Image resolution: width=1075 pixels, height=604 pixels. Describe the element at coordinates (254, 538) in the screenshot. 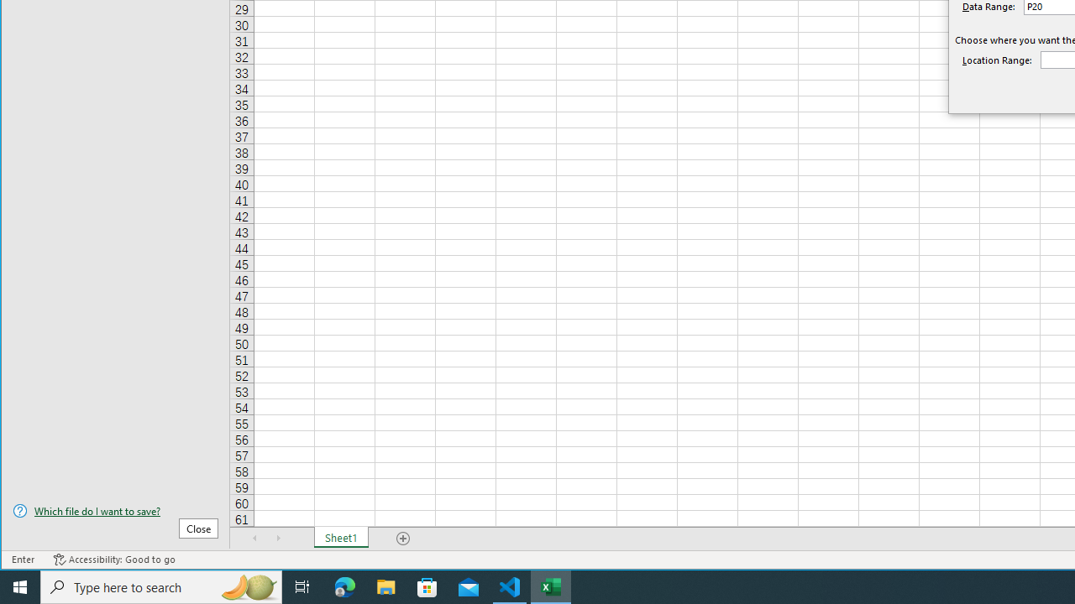

I see `'Scroll Left'` at that location.